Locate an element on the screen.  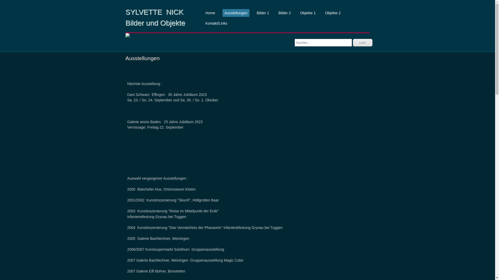
'Los!' is located at coordinates (362, 42).